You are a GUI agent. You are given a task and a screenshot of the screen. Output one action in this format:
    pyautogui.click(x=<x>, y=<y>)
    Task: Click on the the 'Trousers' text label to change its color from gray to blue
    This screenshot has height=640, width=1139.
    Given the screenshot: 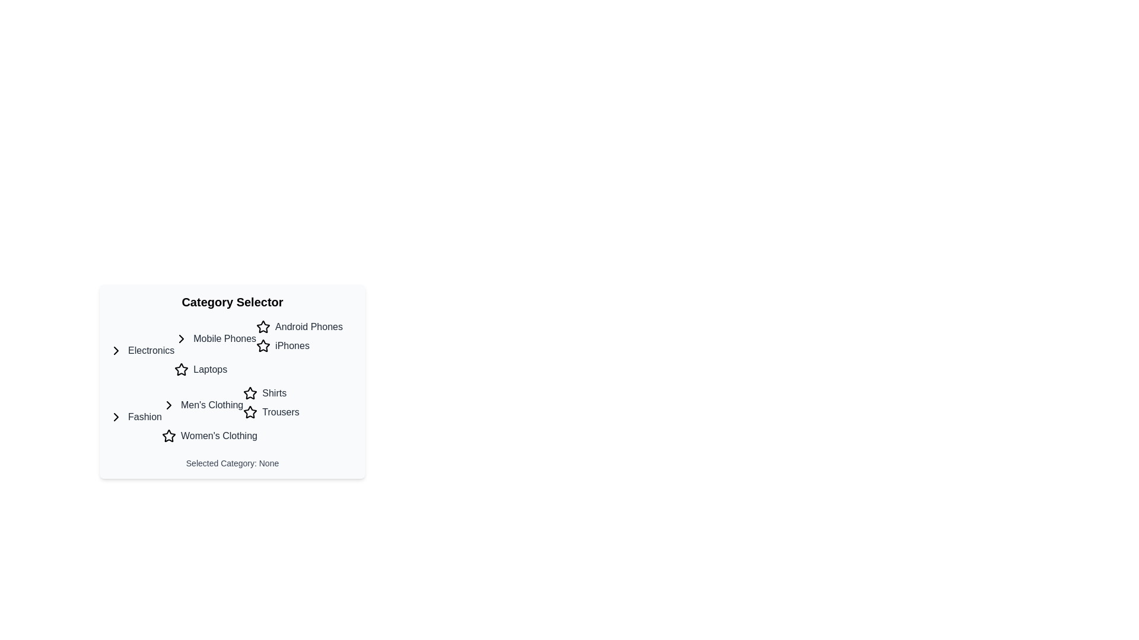 What is the action you would take?
    pyautogui.click(x=280, y=411)
    